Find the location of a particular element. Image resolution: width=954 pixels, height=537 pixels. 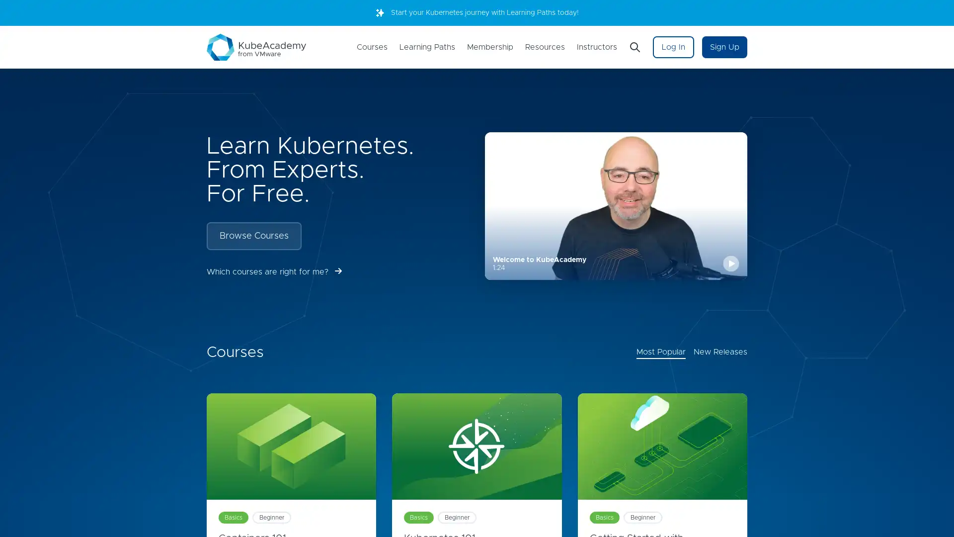

New Releases is located at coordinates (720, 352).